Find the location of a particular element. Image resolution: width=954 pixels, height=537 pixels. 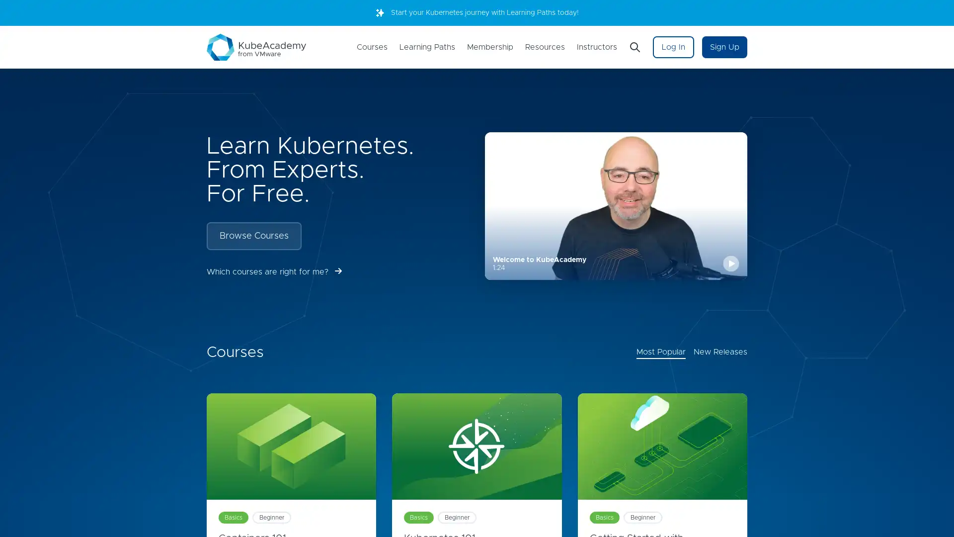

New Releases is located at coordinates (720, 352).